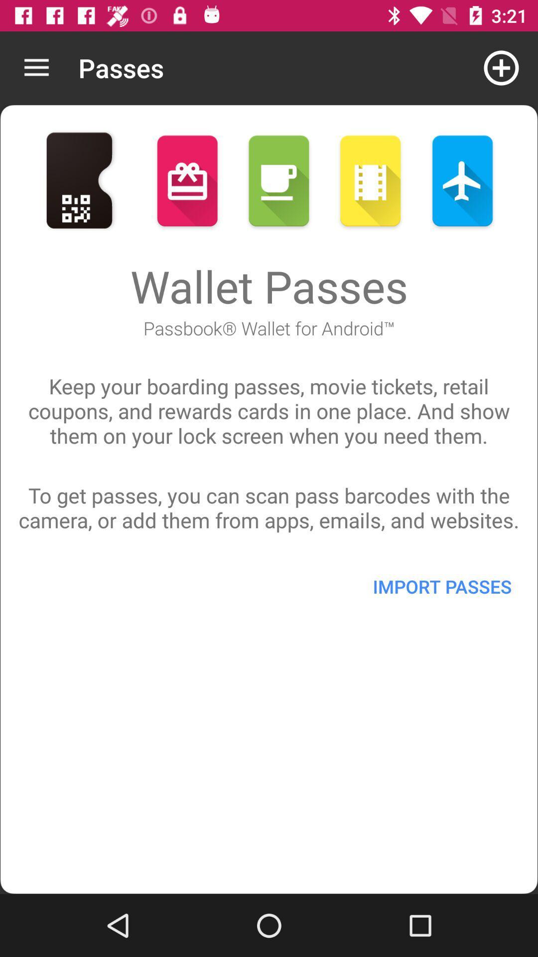 The width and height of the screenshot is (538, 957). Describe the element at coordinates (441, 586) in the screenshot. I see `import passes item` at that location.